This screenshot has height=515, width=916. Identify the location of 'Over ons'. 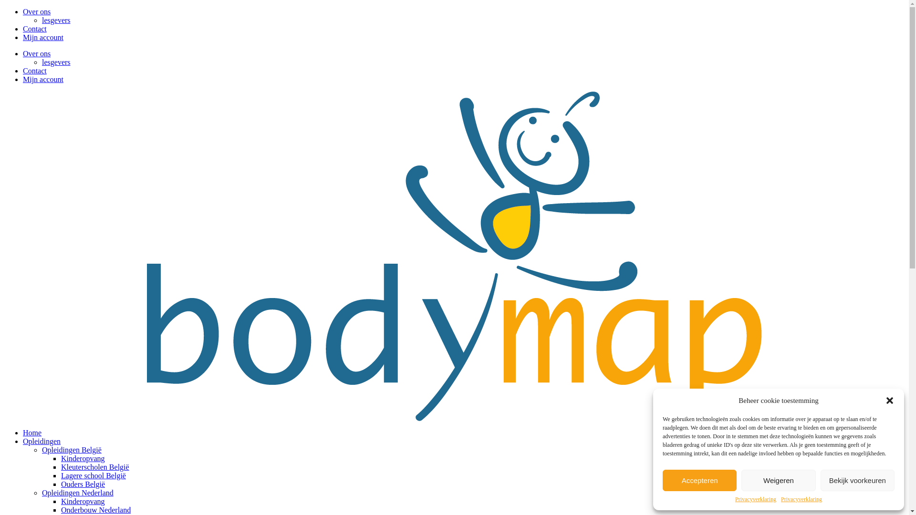
(36, 53).